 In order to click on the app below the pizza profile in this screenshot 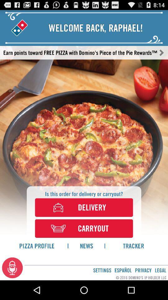, I will do `click(12, 267)`.